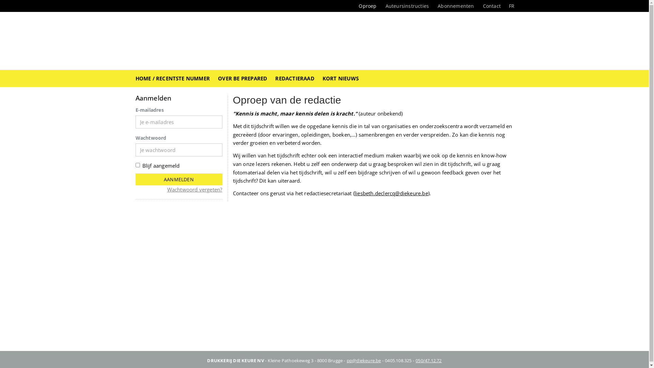  What do you see at coordinates (179, 179) in the screenshot?
I see `'AANMELDEN'` at bounding box center [179, 179].